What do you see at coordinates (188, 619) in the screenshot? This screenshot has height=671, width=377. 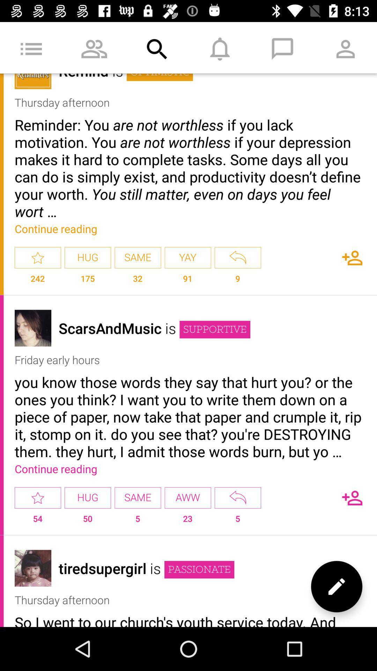 I see `the so i went` at bounding box center [188, 619].